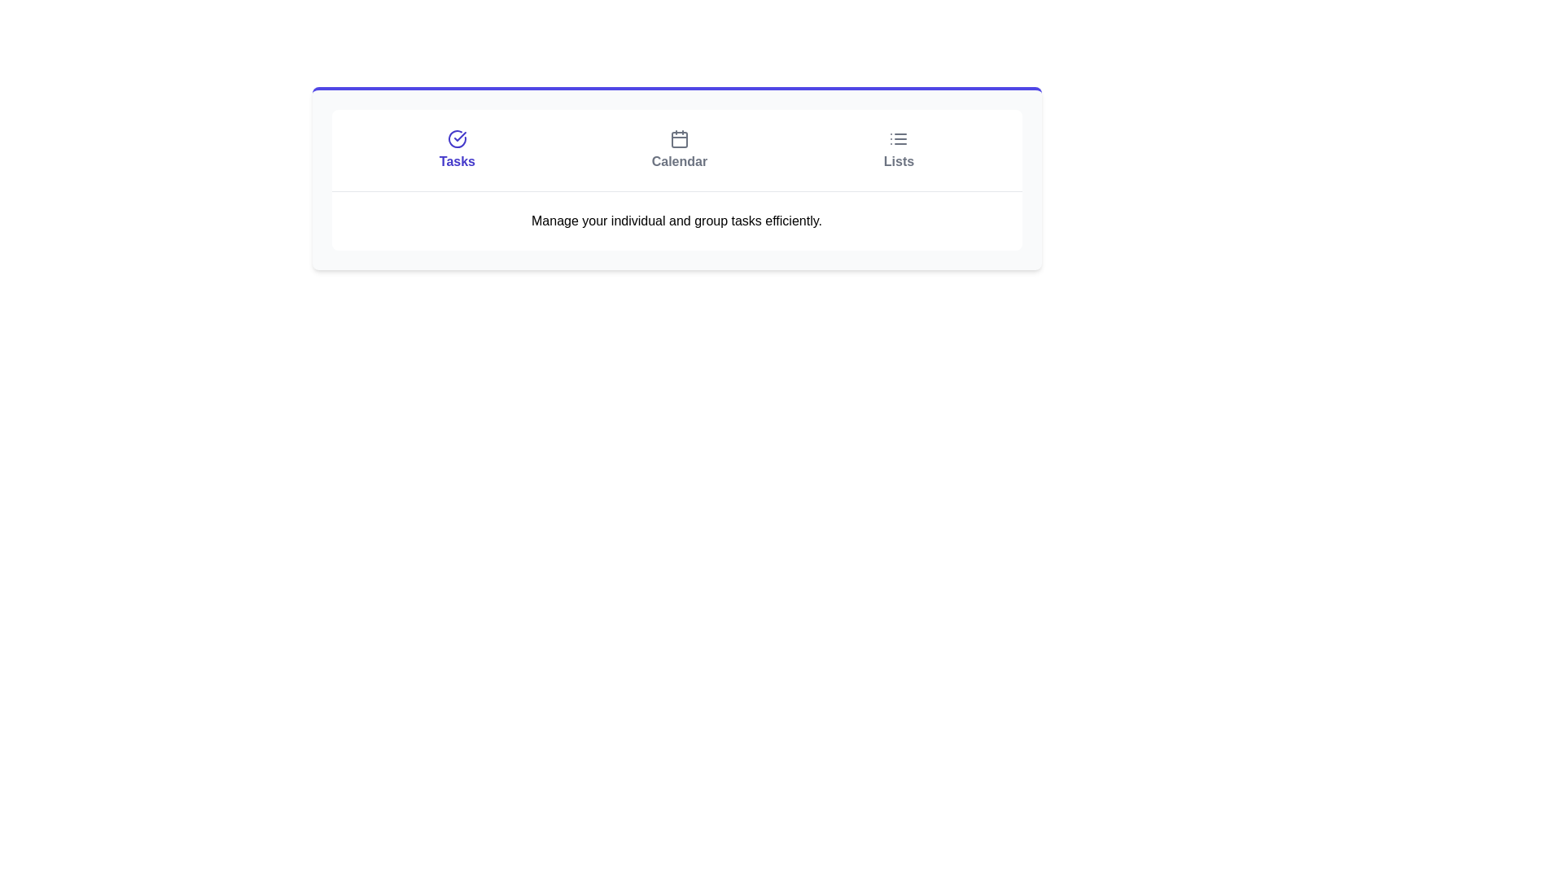 Image resolution: width=1563 pixels, height=879 pixels. What do you see at coordinates (676, 151) in the screenshot?
I see `the 'Calendar' section of the navigation bar` at bounding box center [676, 151].